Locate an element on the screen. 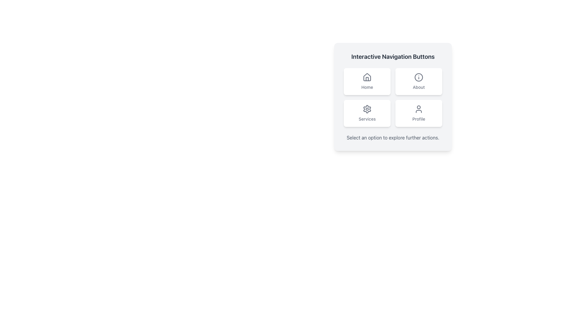 Image resolution: width=576 pixels, height=324 pixels. the 'Home' text label, which is displayed in a sans-serif font beneath a house icon in the 'Interactive Navigation Buttons' section is located at coordinates (367, 87).